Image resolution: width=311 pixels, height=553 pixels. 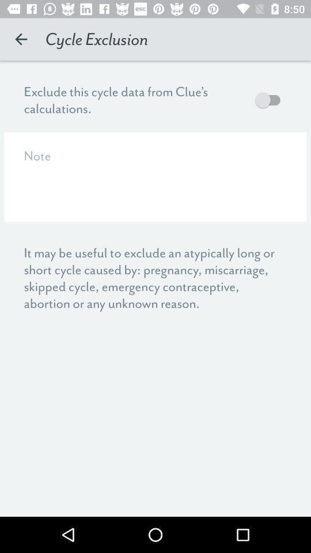 I want to click on data exclusion for this cycle, so click(x=270, y=99).